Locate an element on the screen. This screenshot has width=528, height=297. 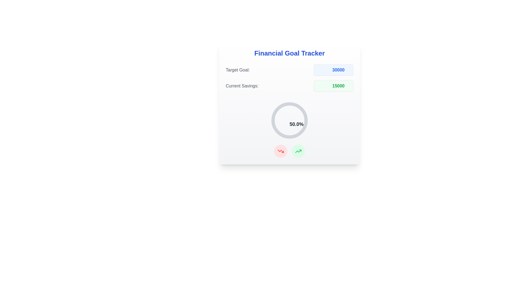
text content of the Text Label displaying 'Current Savings:' which is styled in gray color and aligned to the left, positioned below the 'Target Goal:' label is located at coordinates (242, 86).